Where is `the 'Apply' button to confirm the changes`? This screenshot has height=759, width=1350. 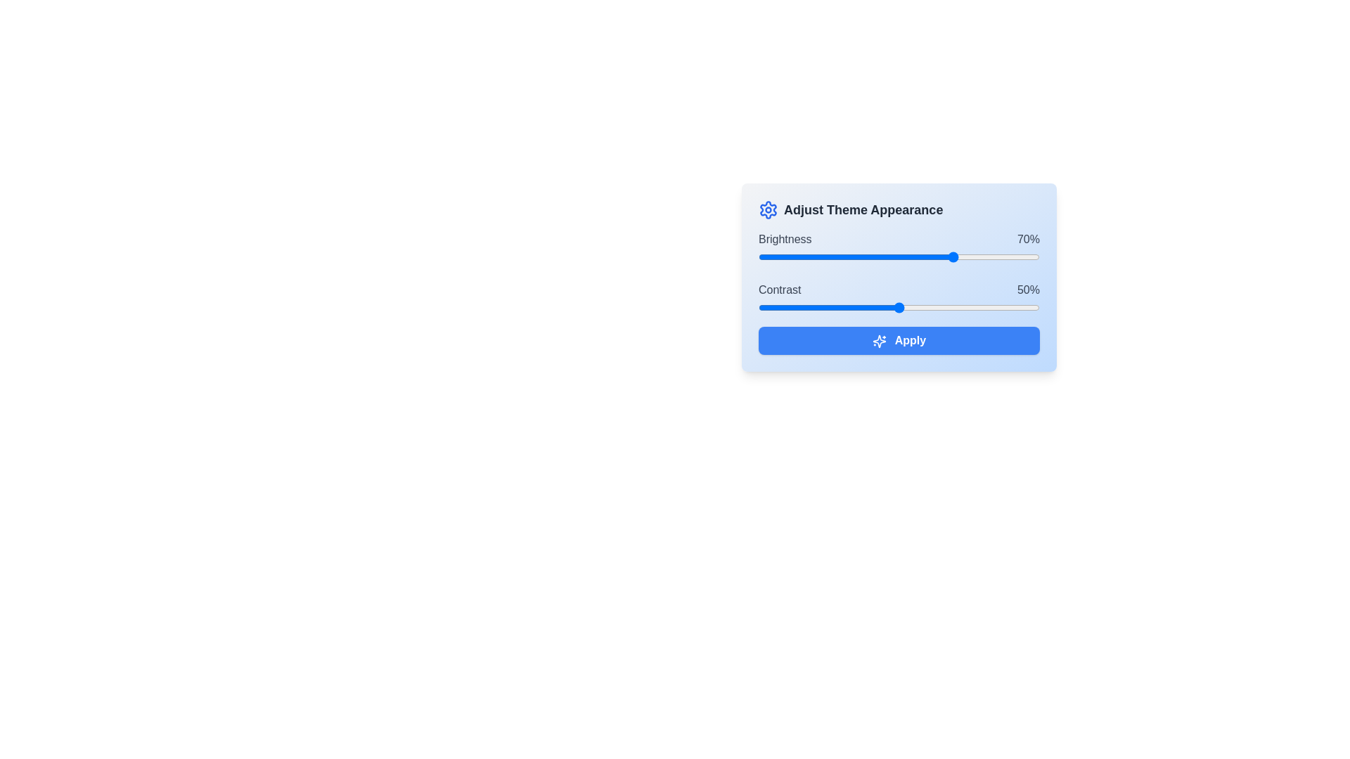 the 'Apply' button to confirm the changes is located at coordinates (898, 341).